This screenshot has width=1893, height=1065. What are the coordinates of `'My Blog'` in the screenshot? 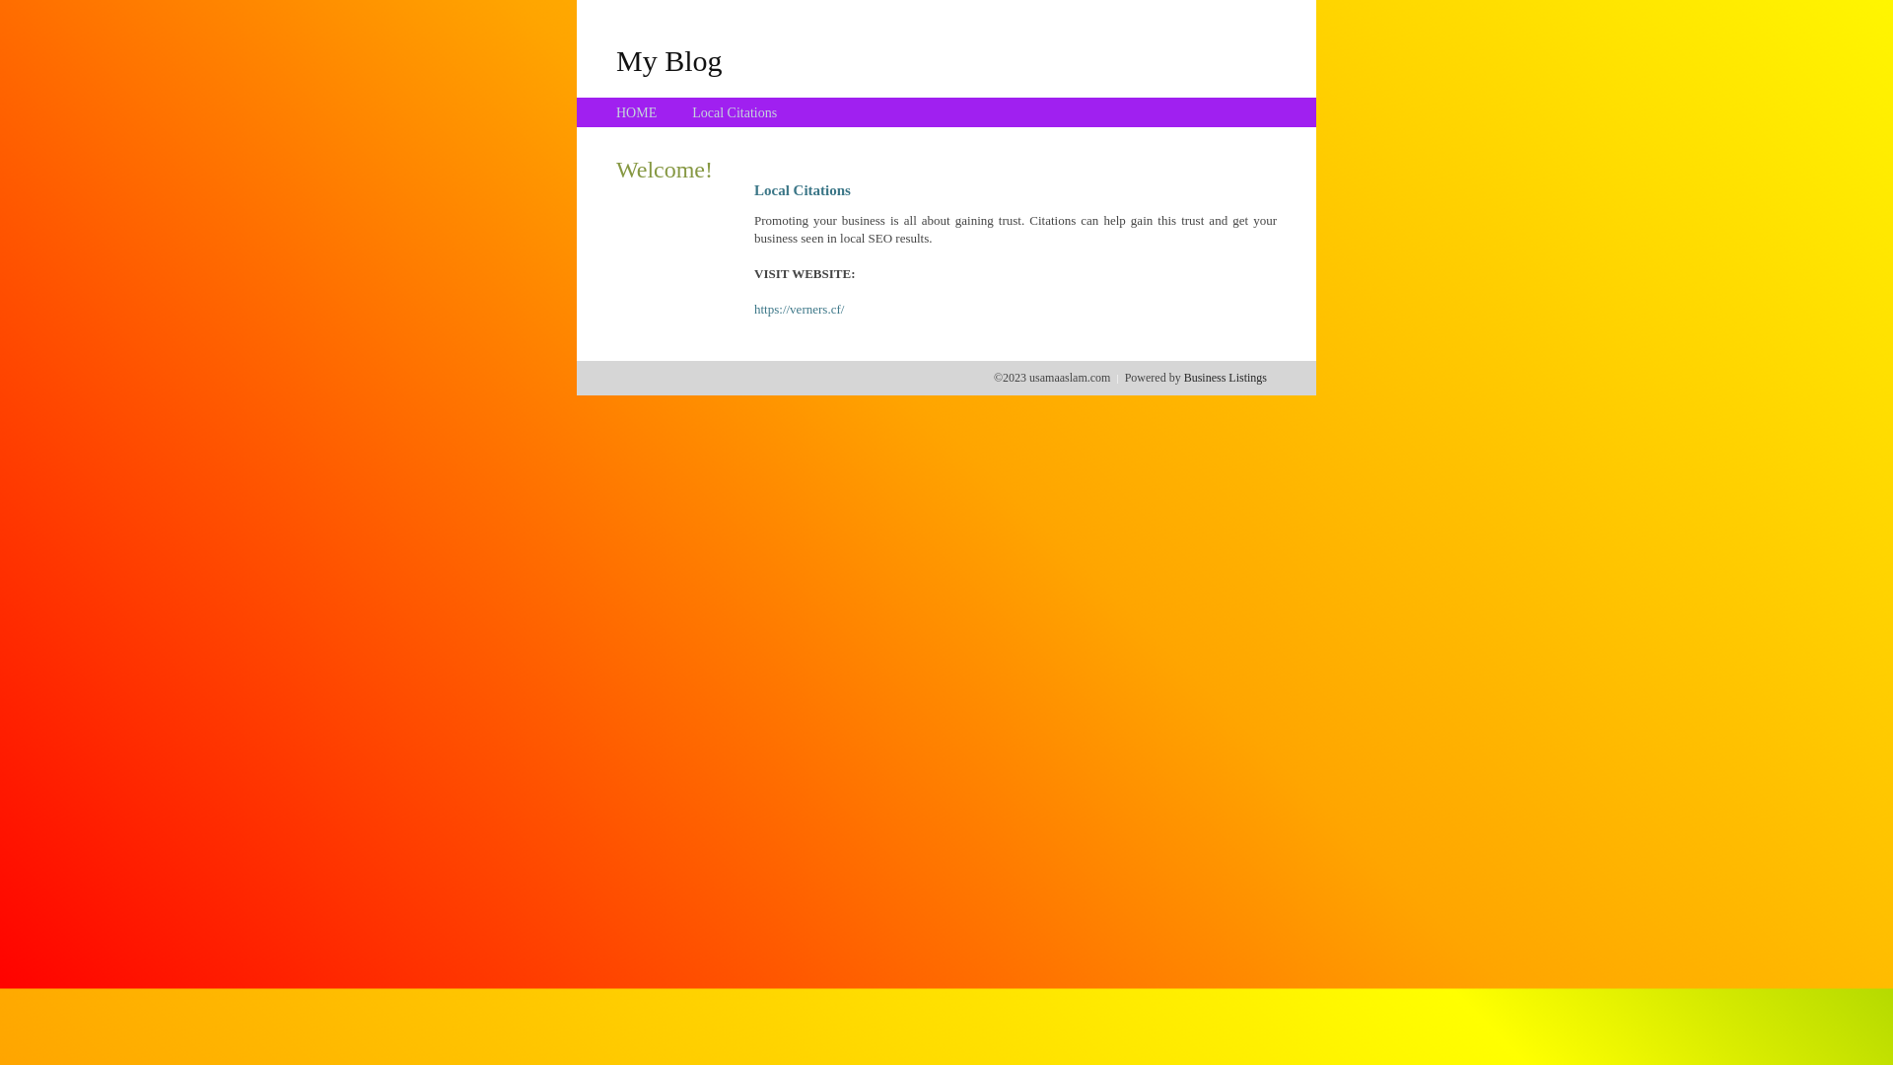 It's located at (668, 59).